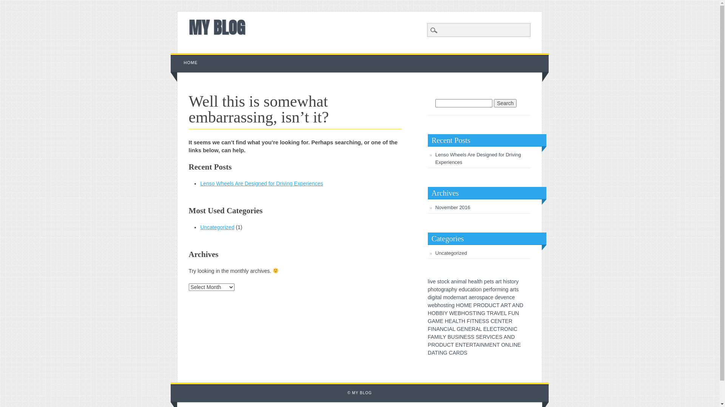 This screenshot has width=725, height=407. What do you see at coordinates (450, 321) in the screenshot?
I see `'E'` at bounding box center [450, 321].